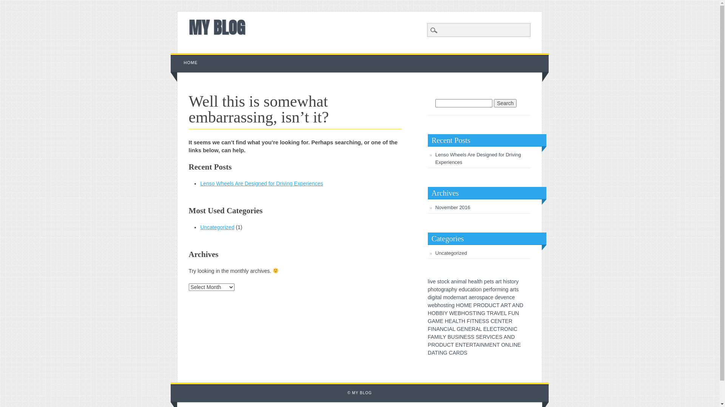 This screenshot has width=725, height=407. What do you see at coordinates (450, 321) in the screenshot?
I see `'E'` at bounding box center [450, 321].